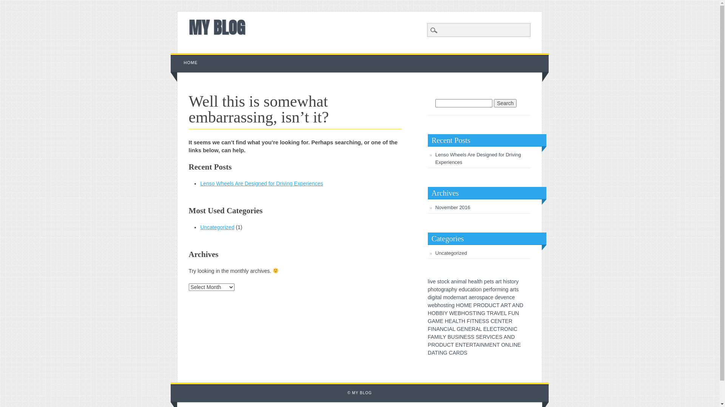 This screenshot has width=725, height=407. What do you see at coordinates (450, 321) in the screenshot?
I see `'E'` at bounding box center [450, 321].